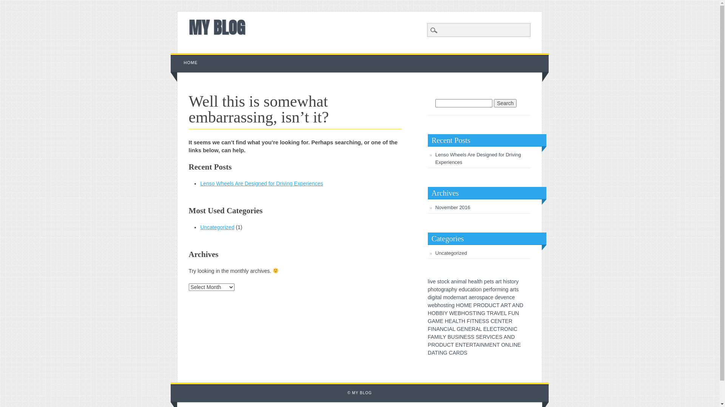 This screenshot has width=725, height=407. What do you see at coordinates (450, 321) in the screenshot?
I see `'E'` at bounding box center [450, 321].